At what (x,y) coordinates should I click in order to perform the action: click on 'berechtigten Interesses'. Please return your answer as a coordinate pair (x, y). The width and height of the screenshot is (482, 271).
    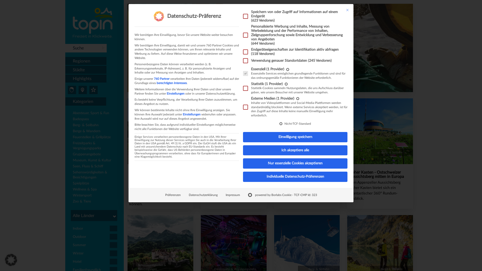
    Looking at the image, I should click on (172, 83).